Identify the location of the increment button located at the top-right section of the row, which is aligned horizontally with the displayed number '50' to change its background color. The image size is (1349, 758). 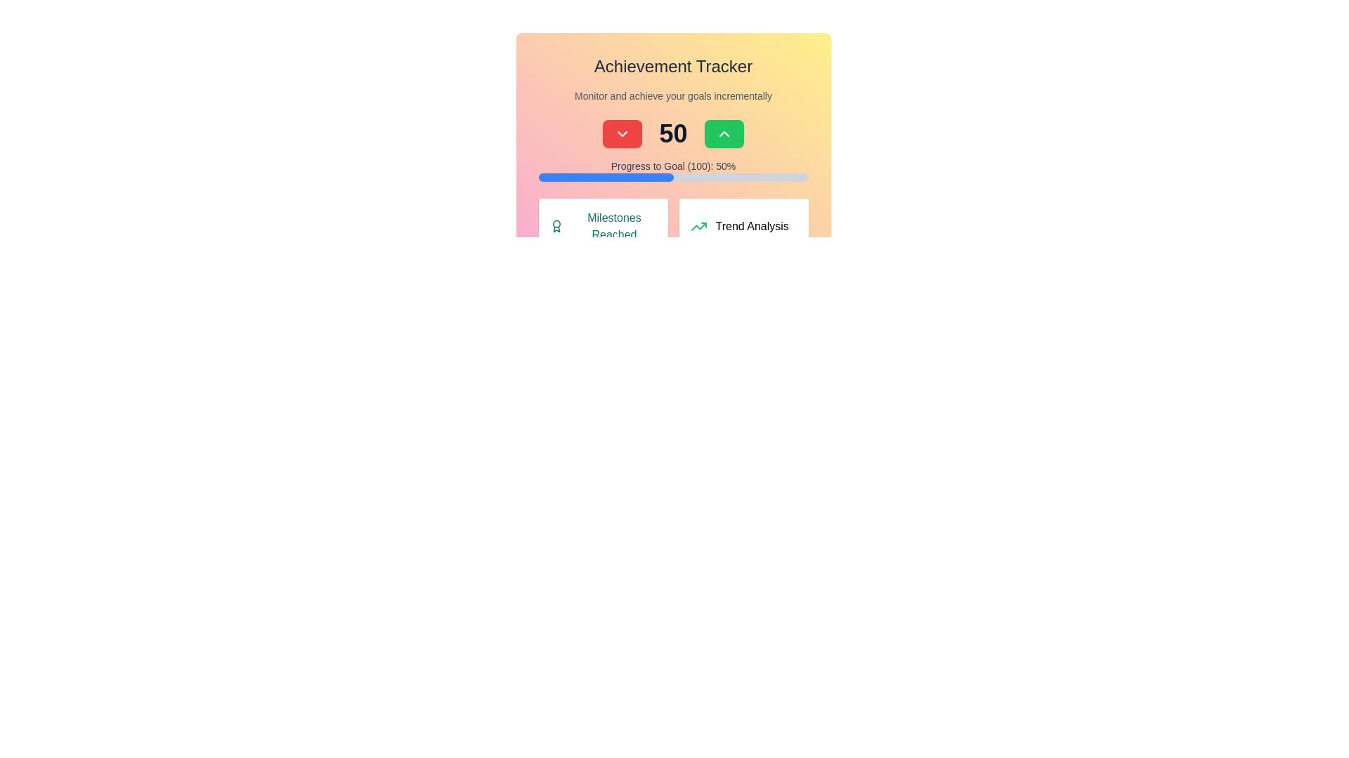
(724, 134).